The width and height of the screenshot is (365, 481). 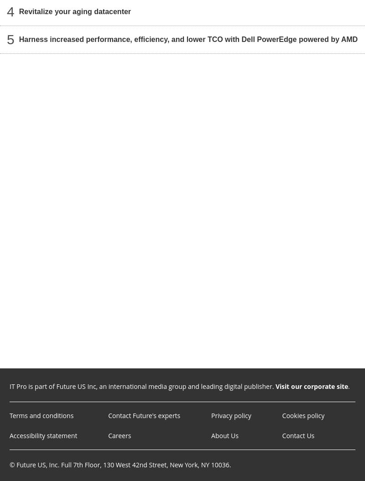 I want to click on 'Visit our corporate site', so click(x=312, y=386).